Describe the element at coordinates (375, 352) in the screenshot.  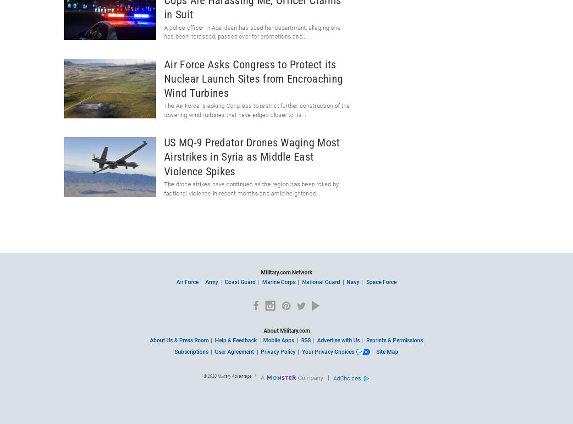
I see `'Site Map'` at that location.